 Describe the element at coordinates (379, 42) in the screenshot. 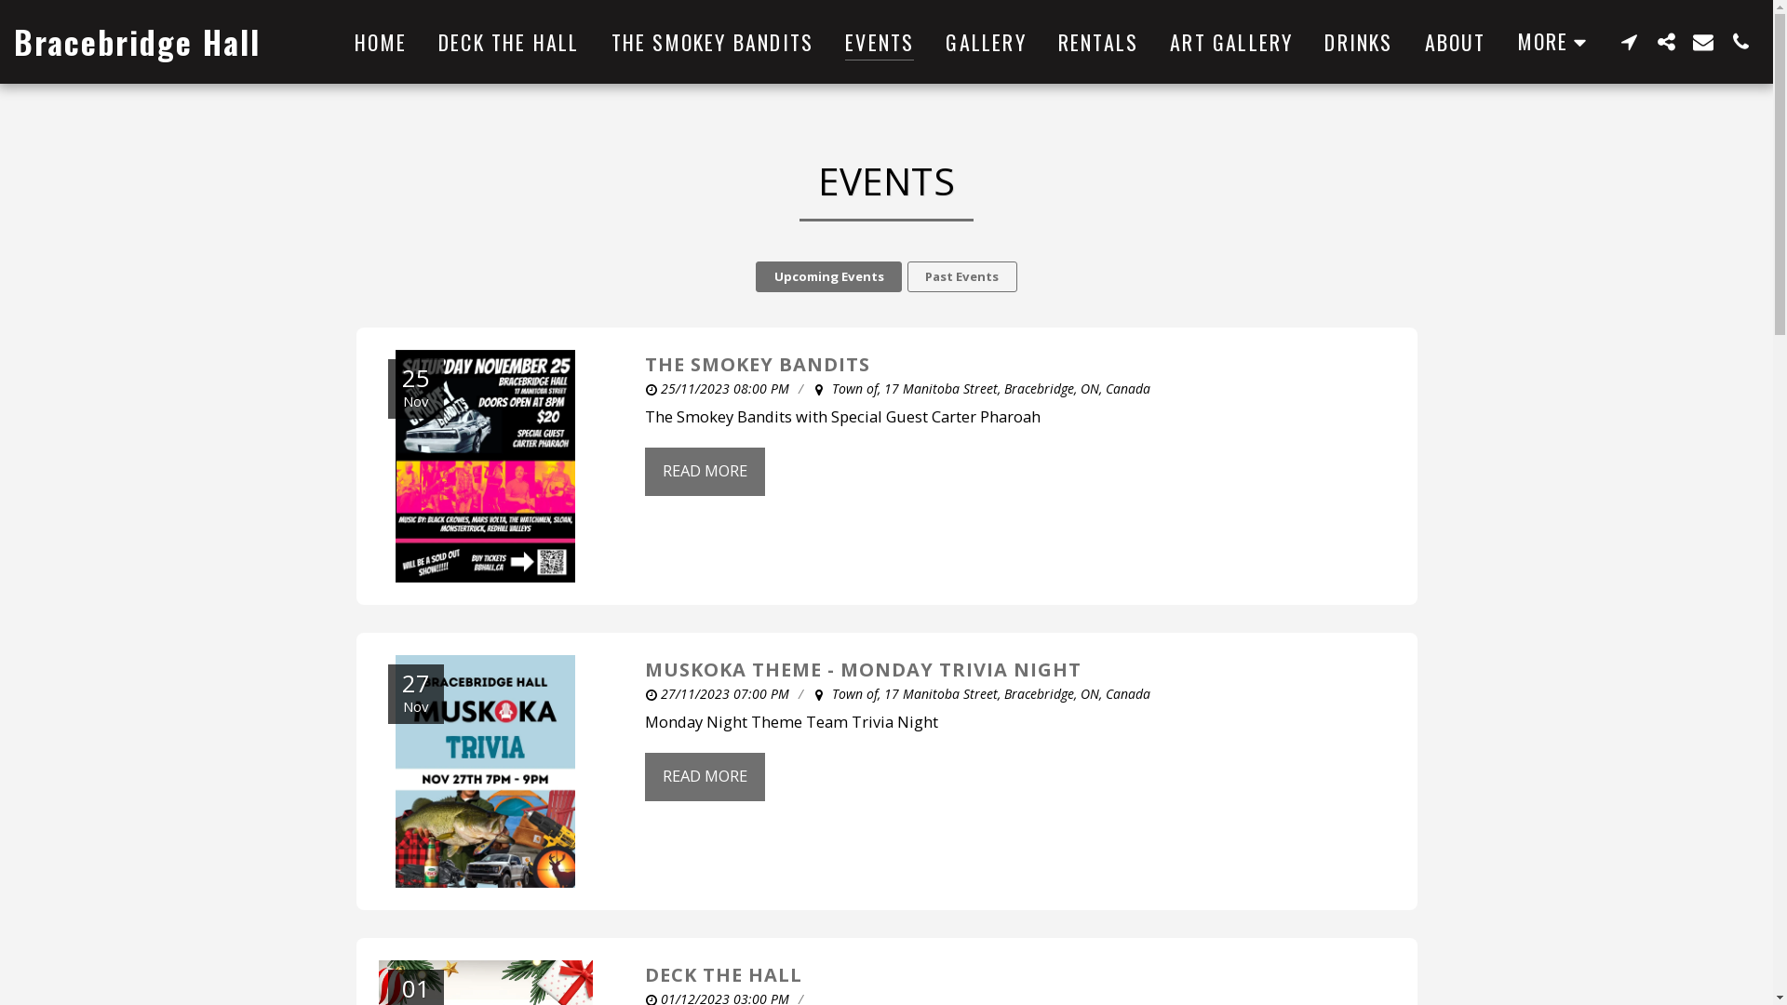

I see `'HOME'` at that location.